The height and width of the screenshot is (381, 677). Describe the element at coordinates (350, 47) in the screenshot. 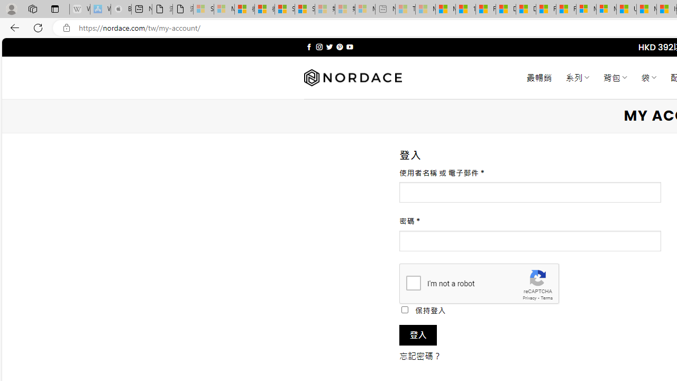

I see `'Follow on YouTube'` at that location.